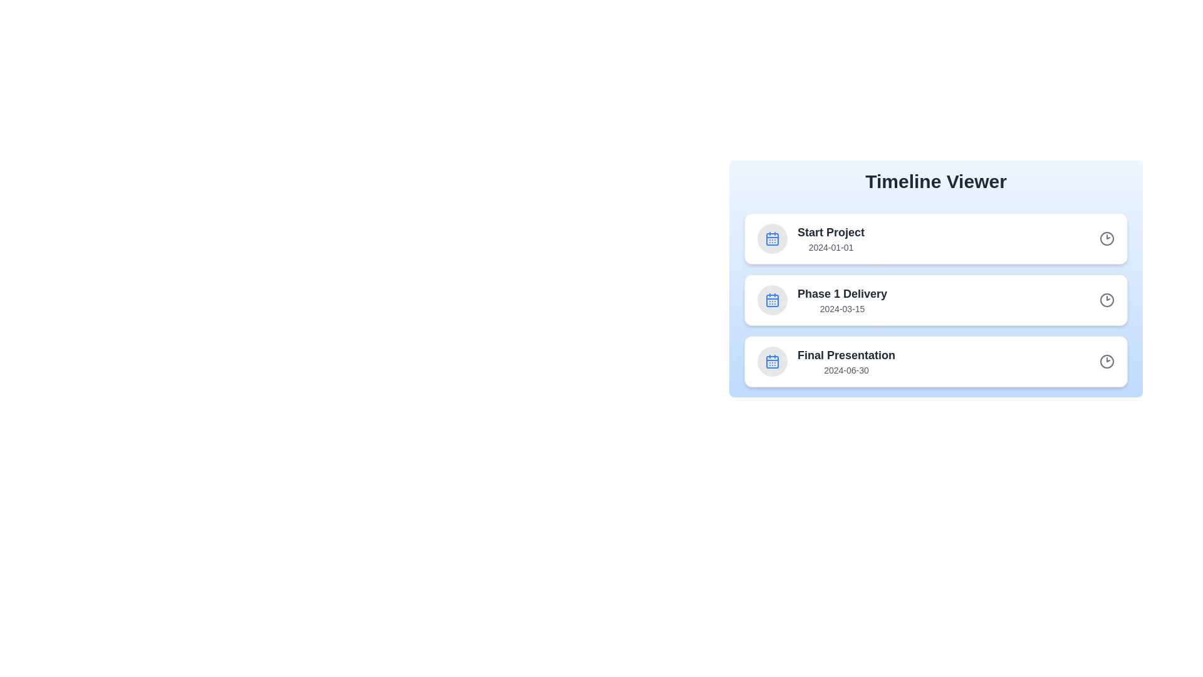 Image resolution: width=1203 pixels, height=677 pixels. What do you see at coordinates (822, 300) in the screenshot?
I see `the second item in the timeline event viewer, which displays a blue calendar icon on the left, 'Phase 1 Delivery' in bold, and the date '2024-03-15' below it` at bounding box center [822, 300].